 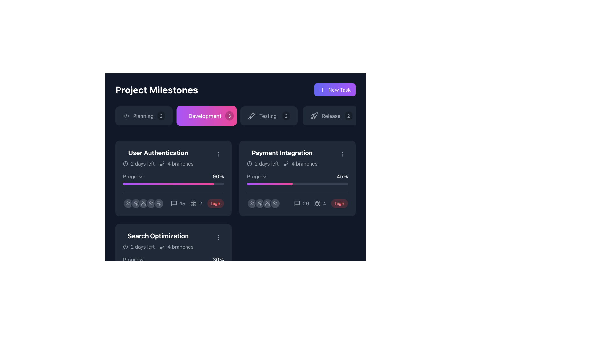 What do you see at coordinates (251, 116) in the screenshot?
I see `the 'Testing2' button icon, which is visually represented as an SVG icon located inside a horizontally aligned button group under the 'Project Milestones' heading, positioned third from the left` at bounding box center [251, 116].